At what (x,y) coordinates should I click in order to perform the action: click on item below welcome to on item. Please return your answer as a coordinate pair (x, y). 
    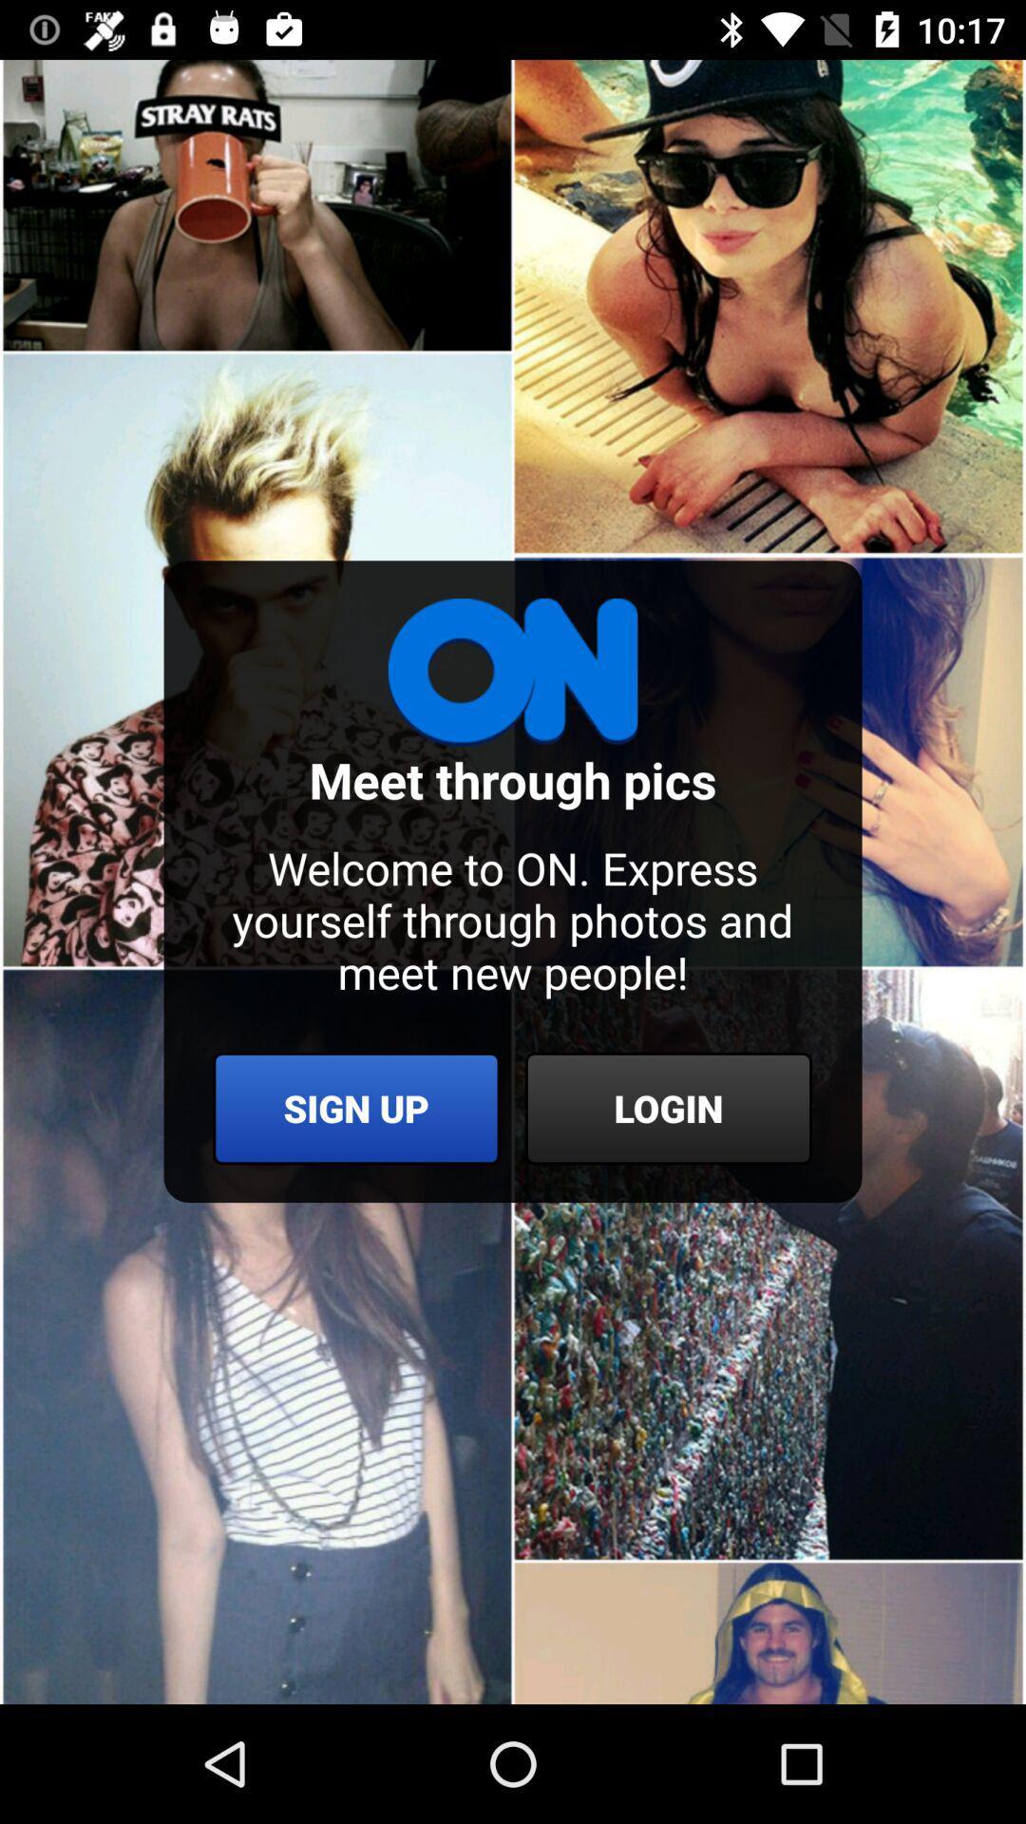
    Looking at the image, I should click on (667, 1108).